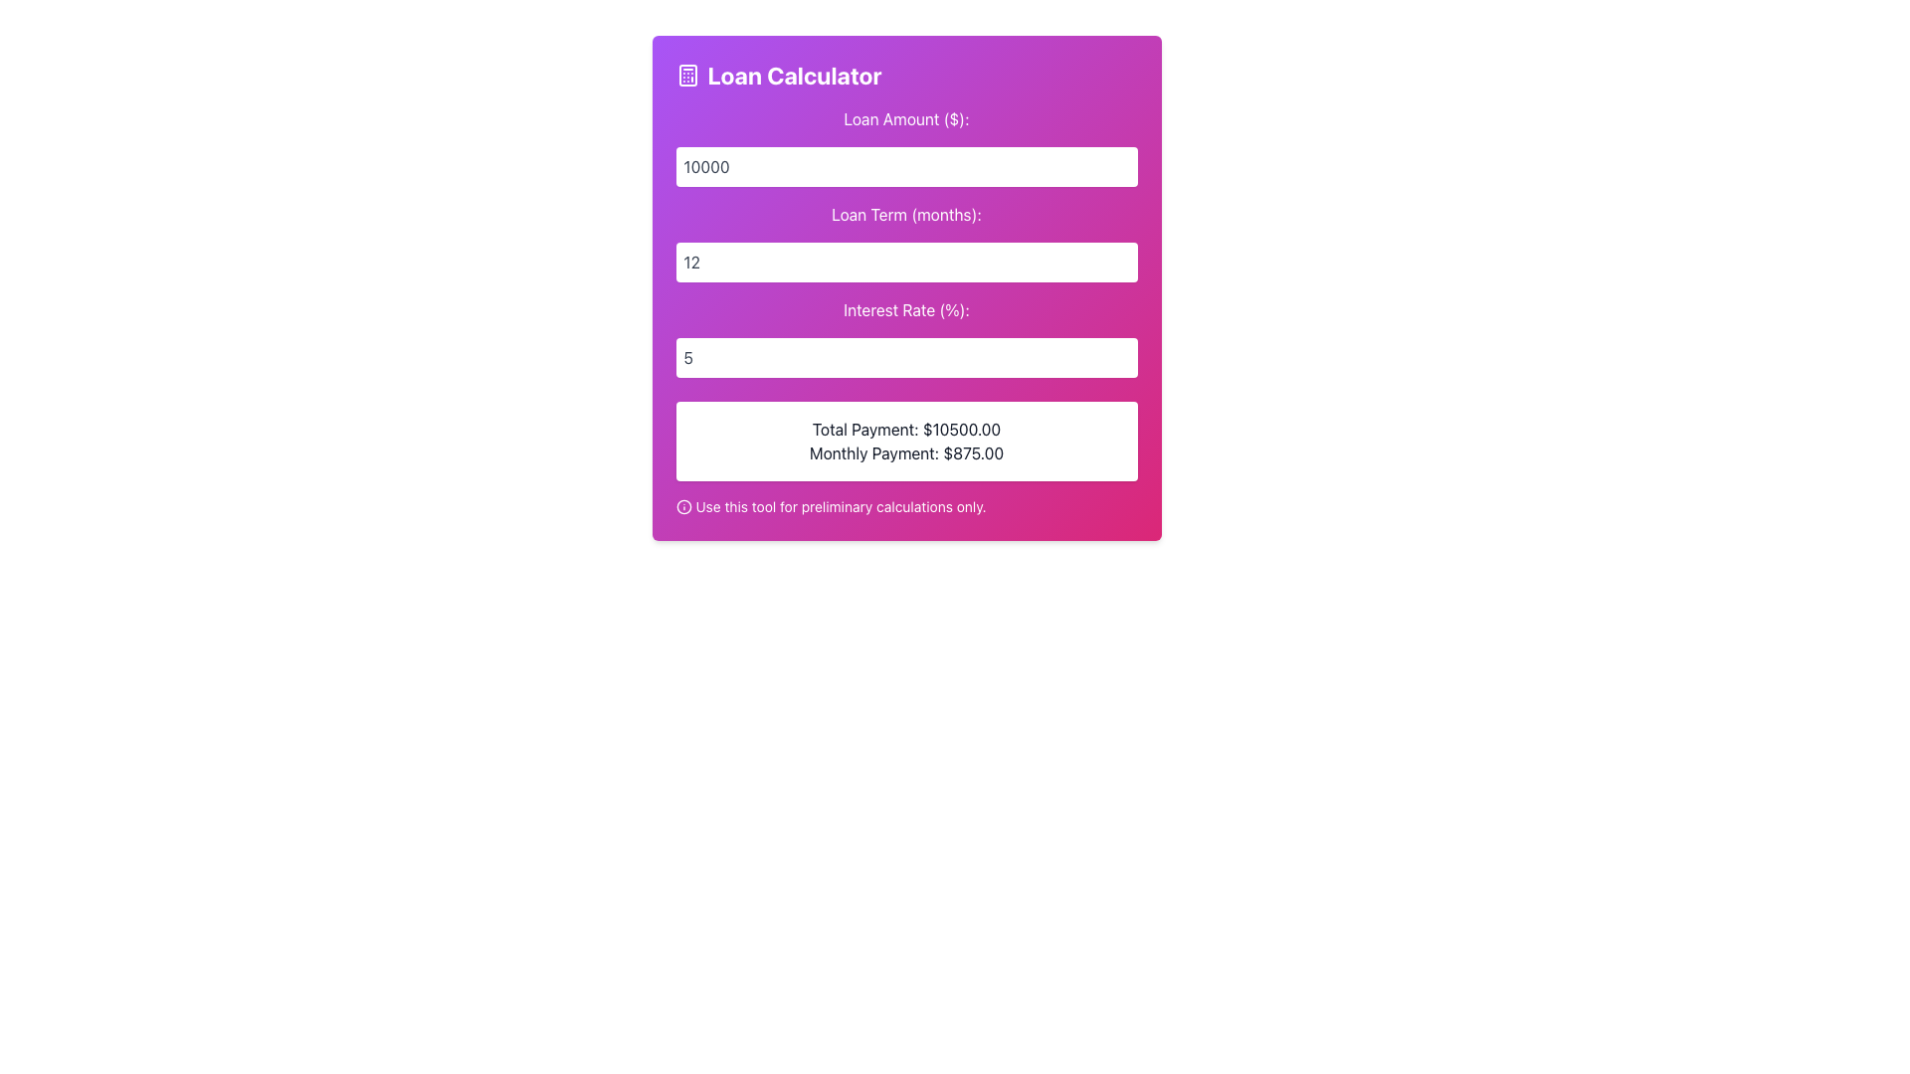  Describe the element at coordinates (905, 505) in the screenshot. I see `the text element that states 'Use this tool for preliminary calculations only.' with an accompanying circular information icon` at that location.